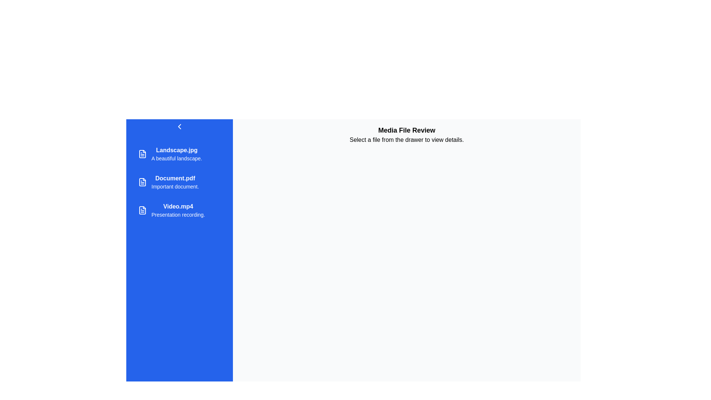  I want to click on on the first list item displaying 'Landscape.jpg' with the description 'A beautiful landscape', so click(176, 154).